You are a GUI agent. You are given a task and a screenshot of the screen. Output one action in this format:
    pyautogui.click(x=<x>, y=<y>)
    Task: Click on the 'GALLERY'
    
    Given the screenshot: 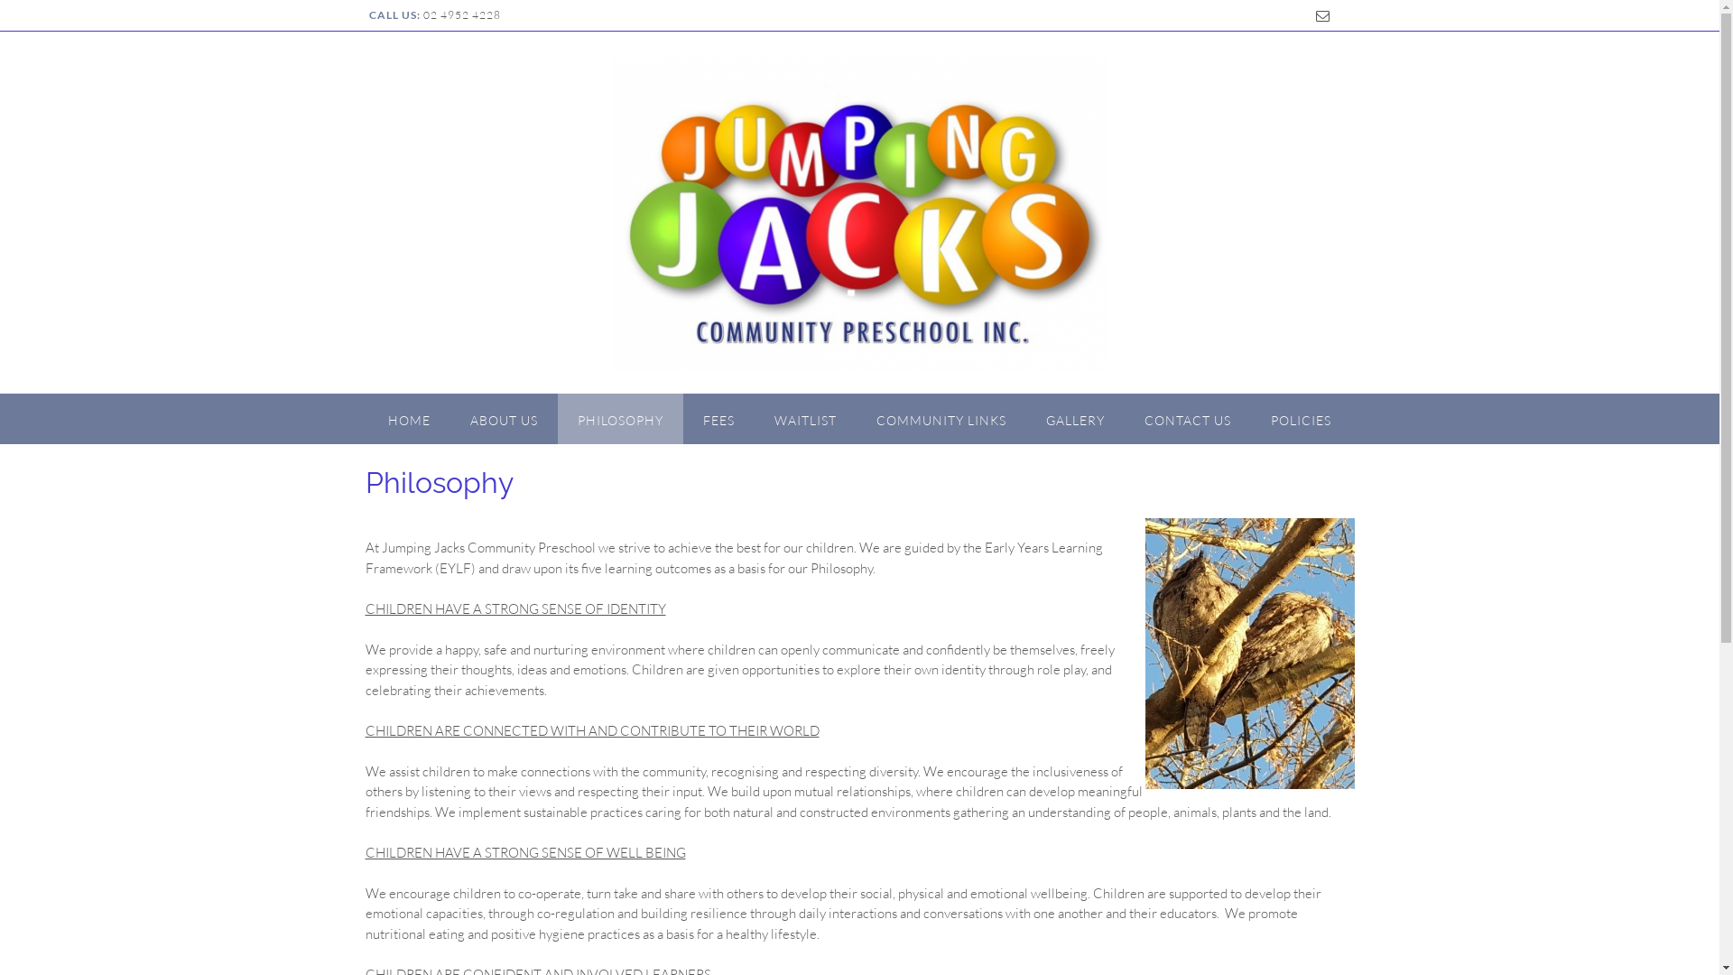 What is the action you would take?
    pyautogui.click(x=1026, y=418)
    